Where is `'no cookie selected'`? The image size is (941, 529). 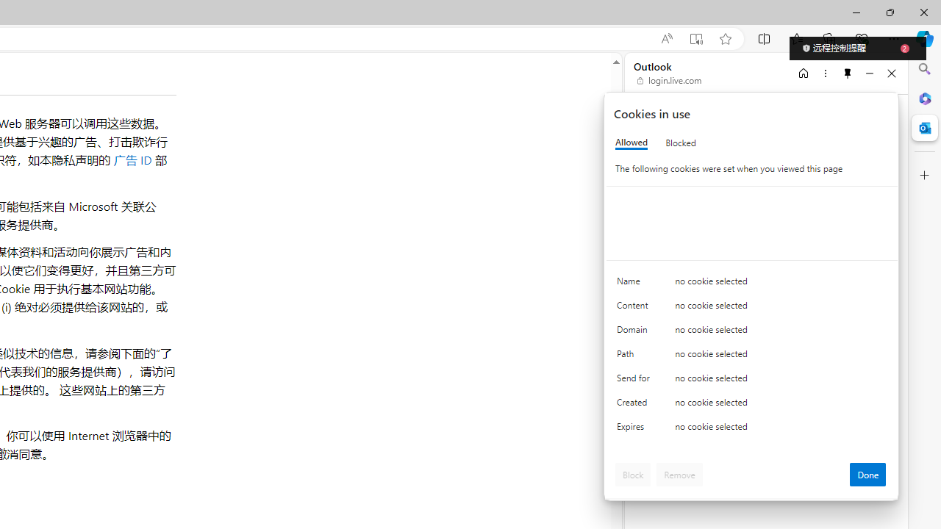 'no cookie selected' is located at coordinates (780, 430).